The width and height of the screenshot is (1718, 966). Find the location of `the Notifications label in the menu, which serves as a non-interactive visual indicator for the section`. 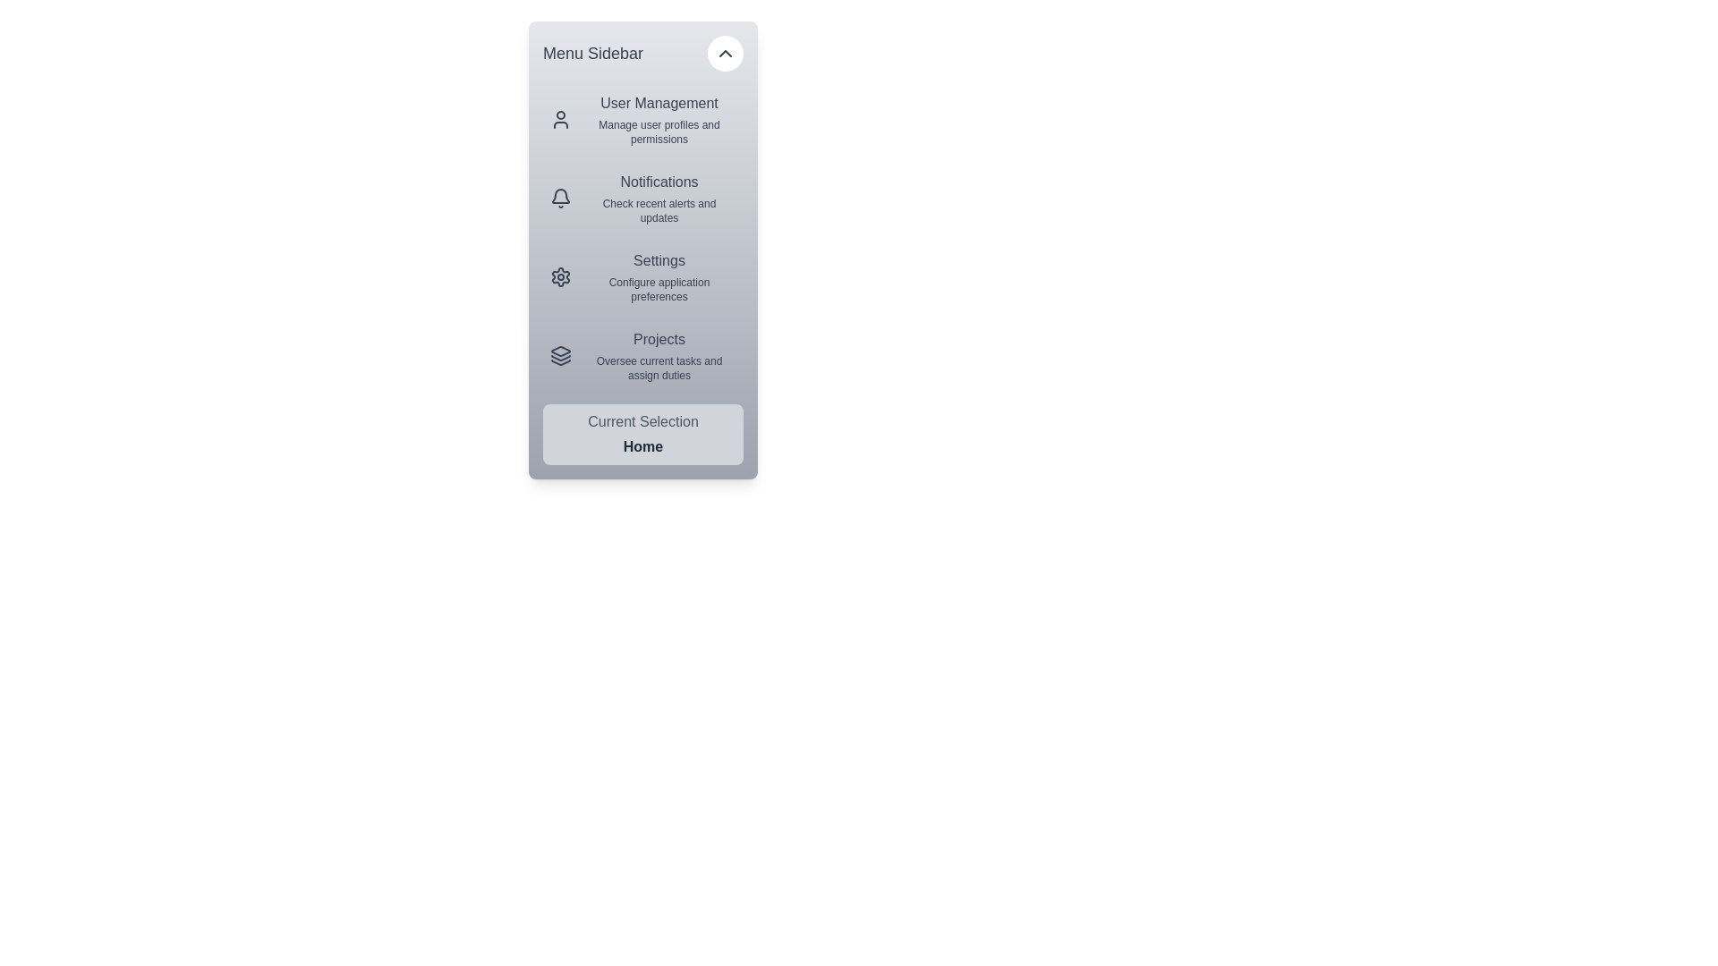

the Notifications label in the menu, which serves as a non-interactive visual indicator for the section is located at coordinates (659, 182).